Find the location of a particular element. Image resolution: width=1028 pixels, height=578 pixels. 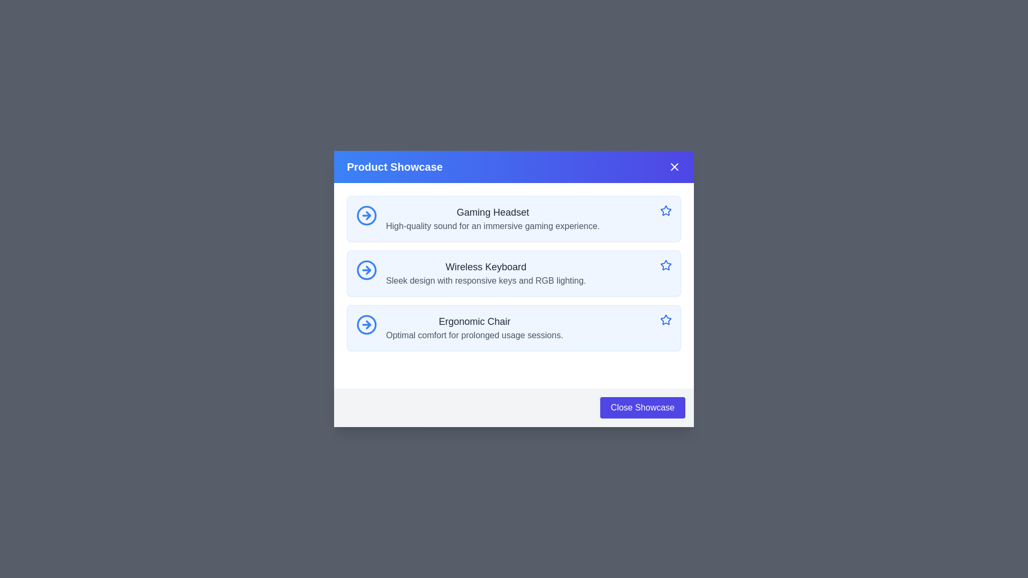

text label displaying 'Gaming Headset', which is a bold black font centered in the top-left section of the blue box in the 'Product Showcase' modal interface is located at coordinates (492, 212).